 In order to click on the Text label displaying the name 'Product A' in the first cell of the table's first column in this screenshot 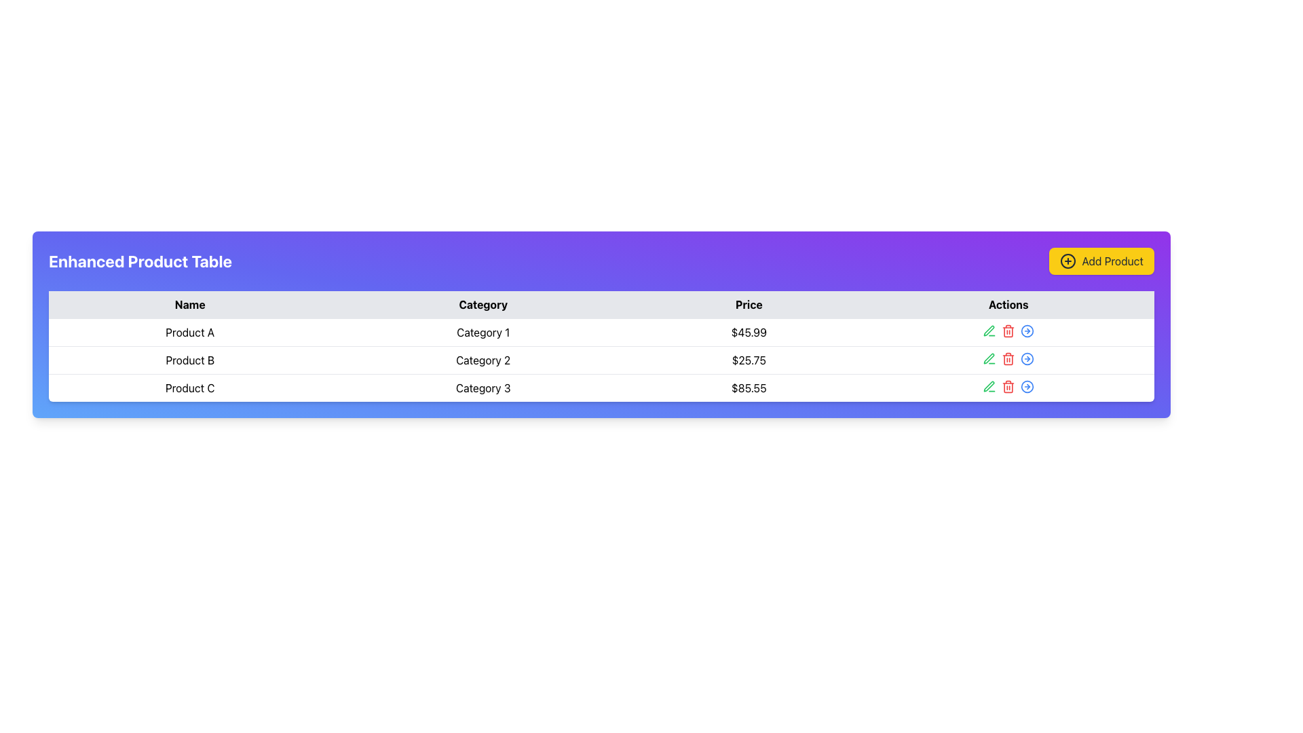, I will do `click(189, 332)`.